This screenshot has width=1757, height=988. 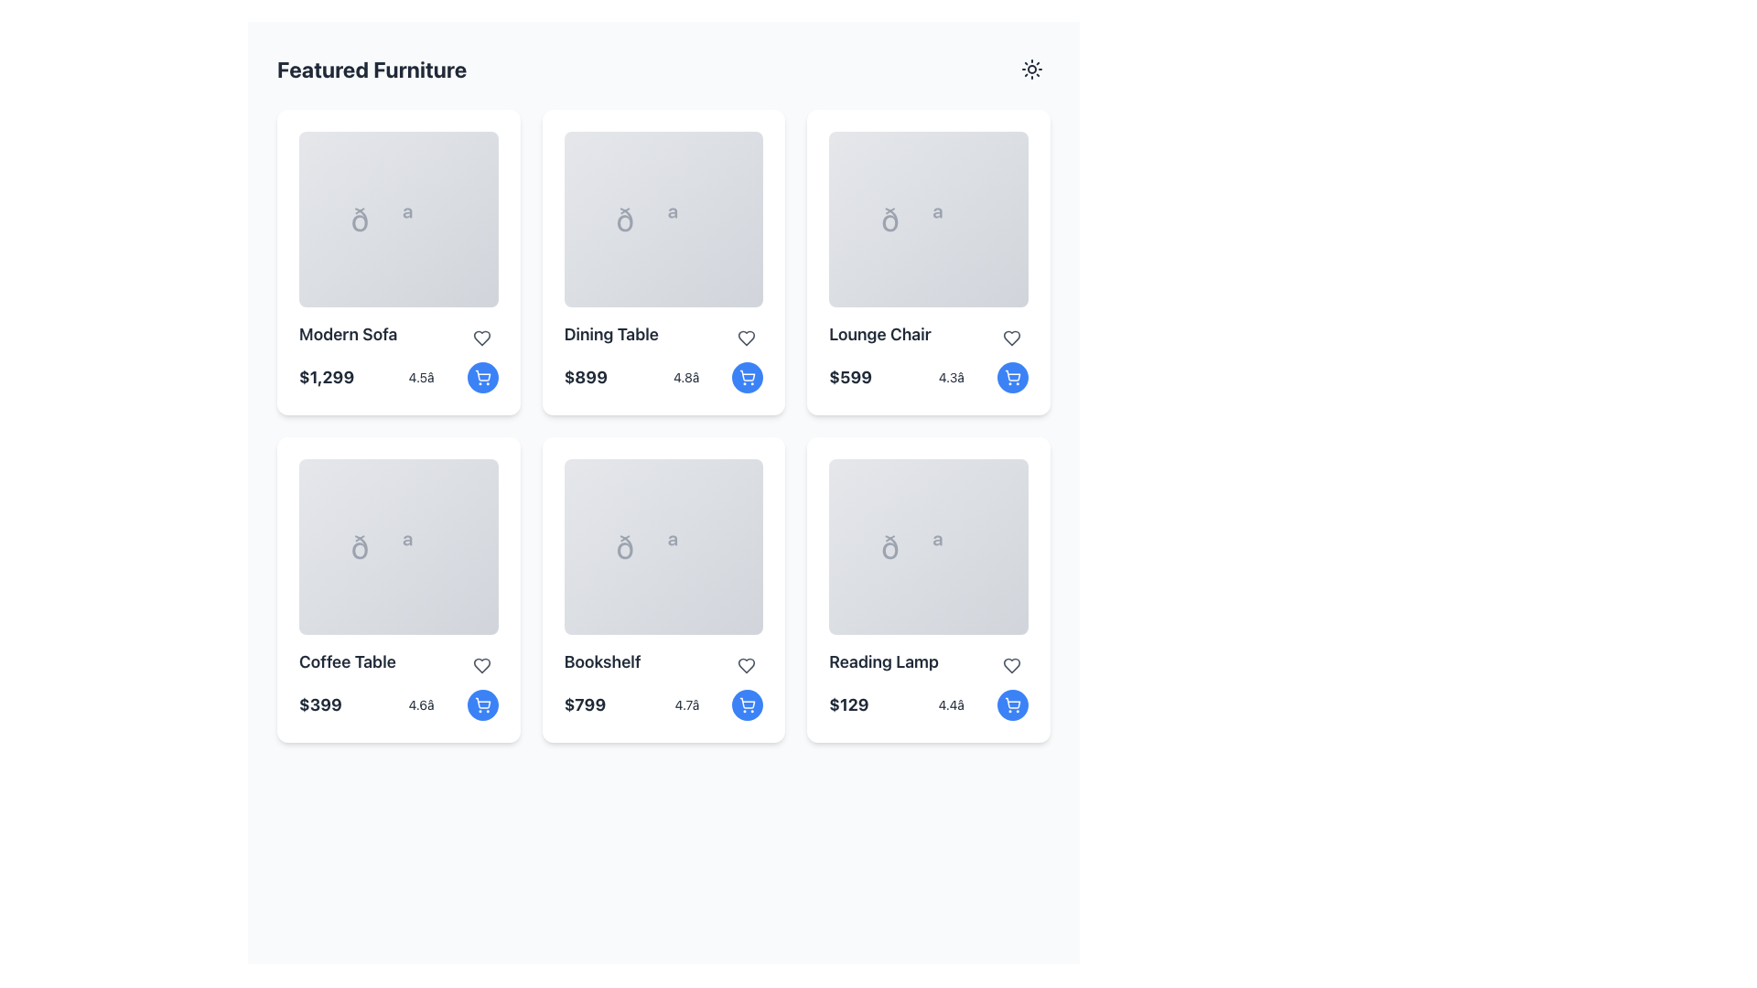 I want to click on the heart-shaped icon, so click(x=1010, y=666).